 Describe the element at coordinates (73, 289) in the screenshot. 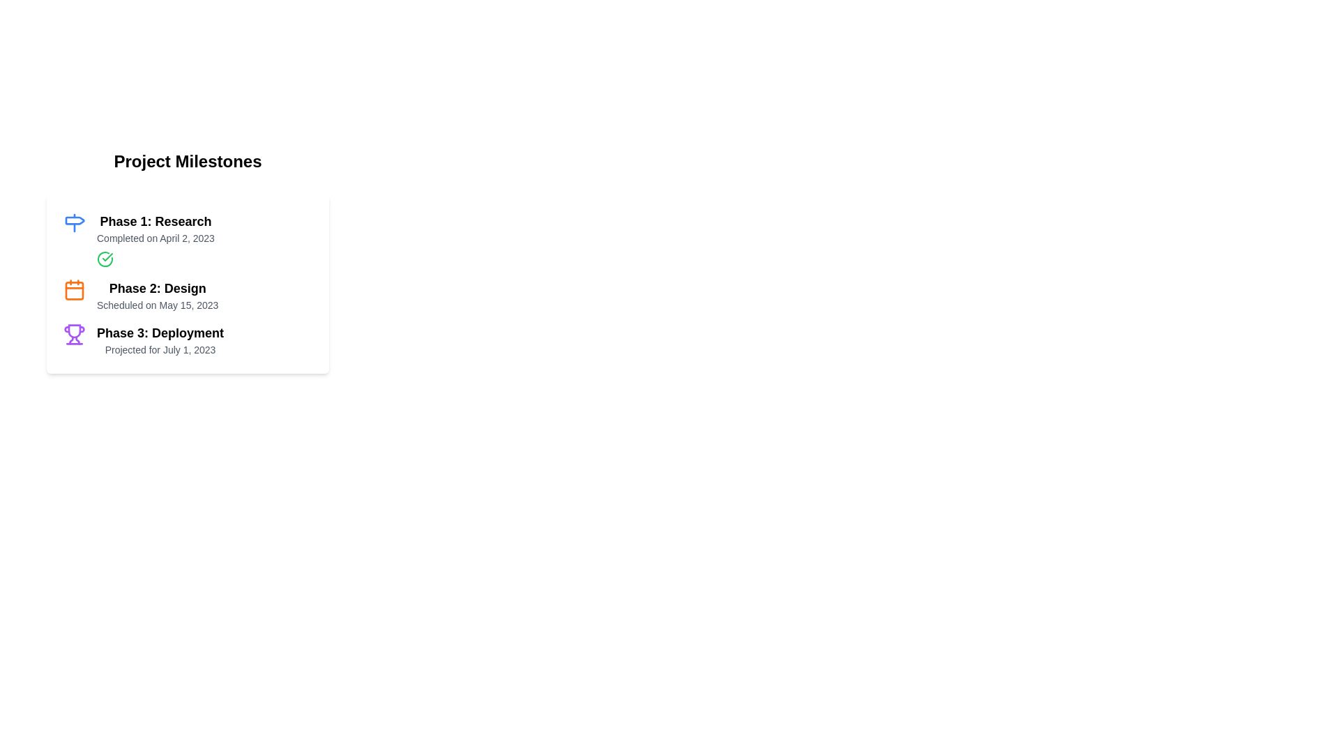

I see `the scheduling icon located to the left of the text 'Phase 2: Design Scheduled on May 15, 2023'` at that location.